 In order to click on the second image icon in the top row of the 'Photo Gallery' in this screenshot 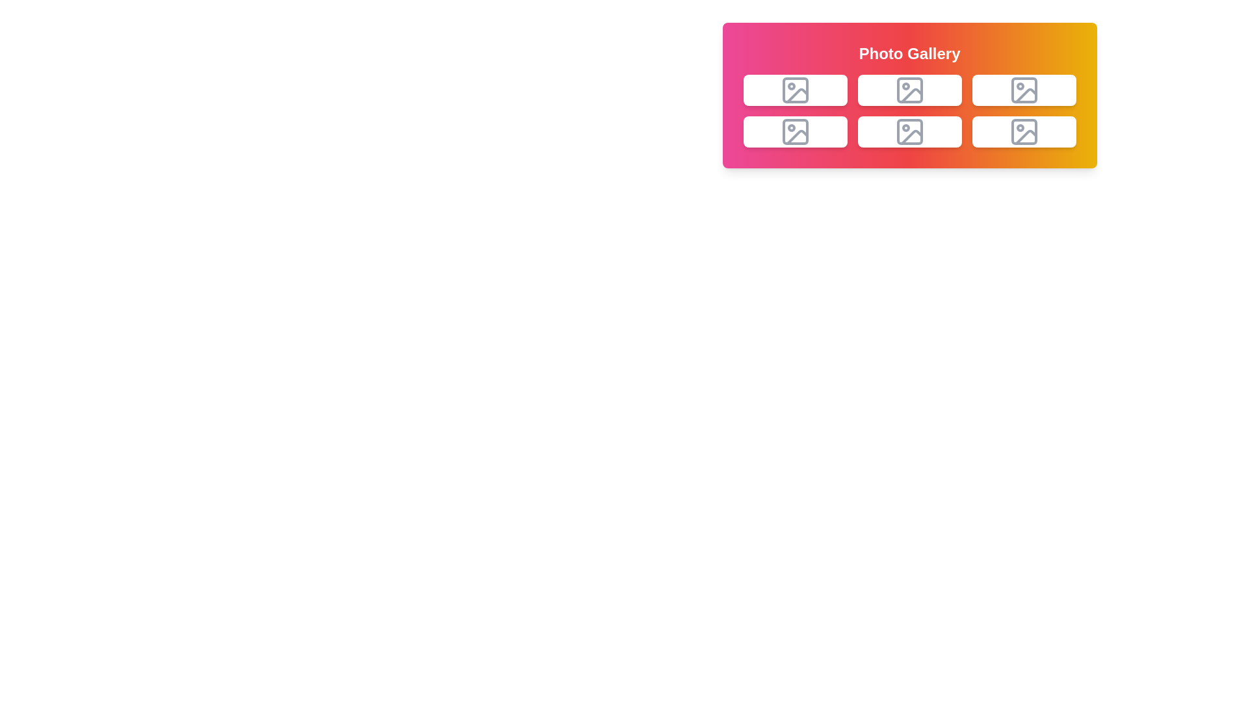, I will do `click(909, 89)`.